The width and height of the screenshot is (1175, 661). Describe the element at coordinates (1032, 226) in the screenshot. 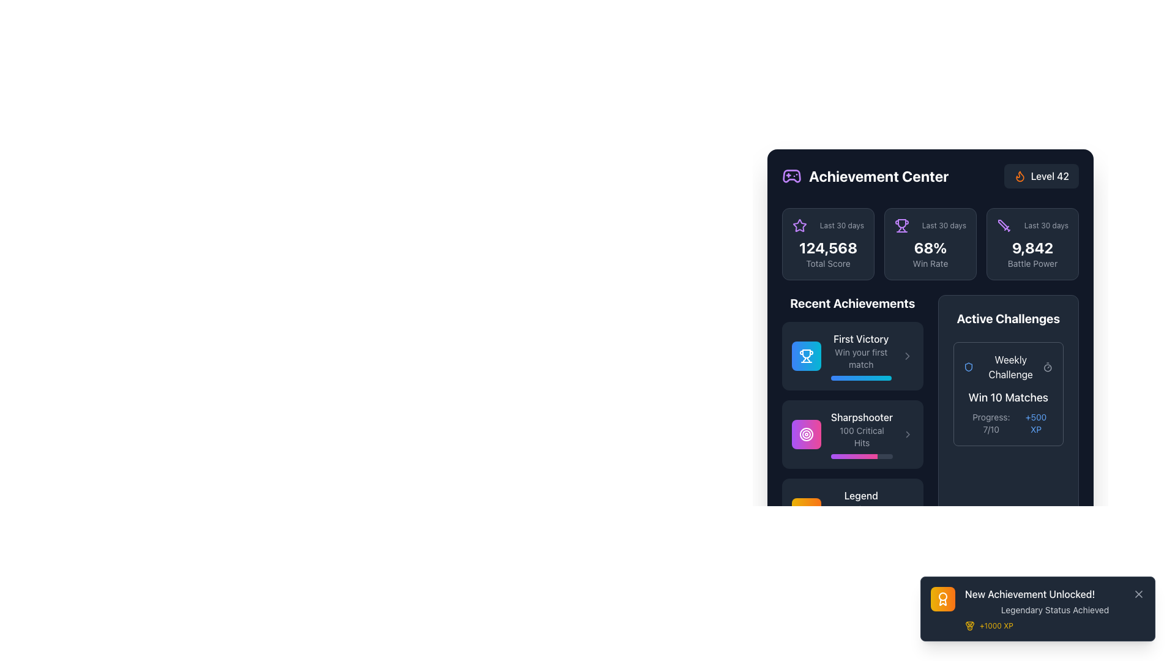

I see `the Text label indicating the timeframe of the last 30 days, located at the top section of a card above the large numerical statistic and the label 'Battle Power'` at that location.